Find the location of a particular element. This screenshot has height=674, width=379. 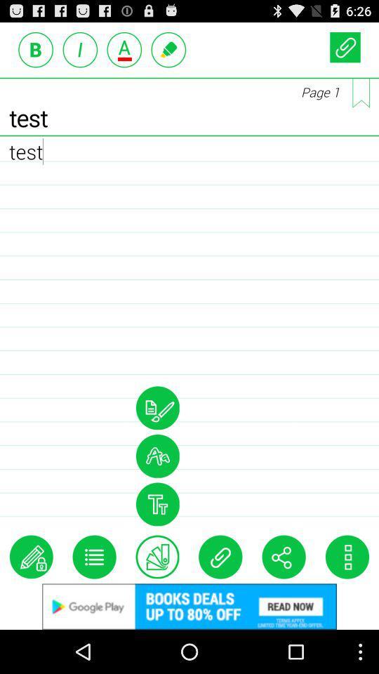

attach page button is located at coordinates (344, 47).